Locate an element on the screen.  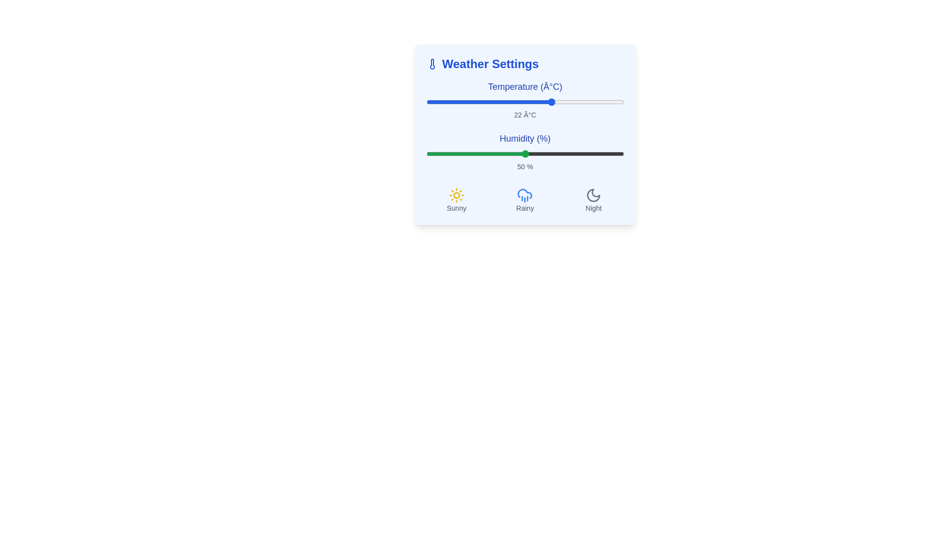
the temperature is located at coordinates (544, 102).